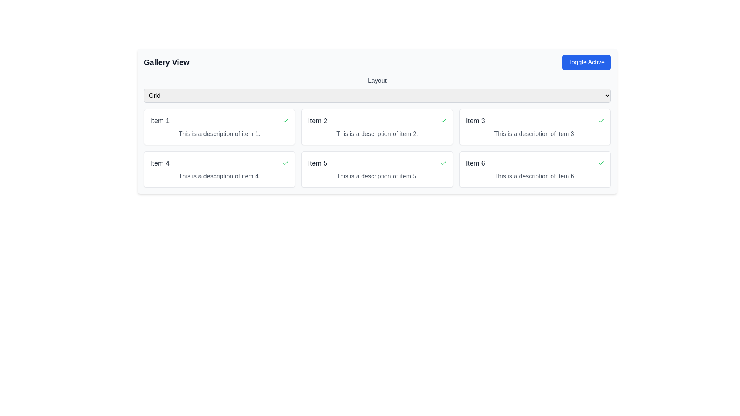  Describe the element at coordinates (601, 121) in the screenshot. I see `the icon that indicates the selected or approved state for 'Item 3', located to the right of the textual label in the top row of the grid` at that location.